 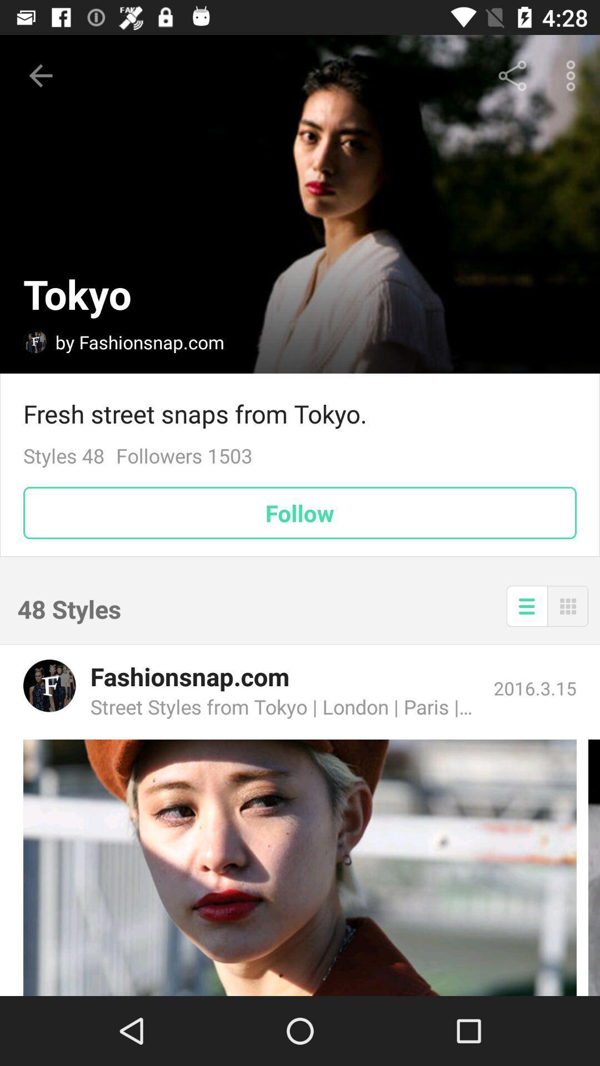 I want to click on the item above the fresh street snaps item, so click(x=573, y=75).